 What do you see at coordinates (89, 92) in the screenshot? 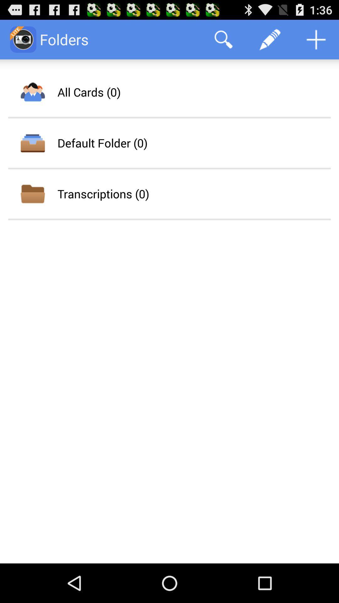
I see `all cards (0) app` at bounding box center [89, 92].